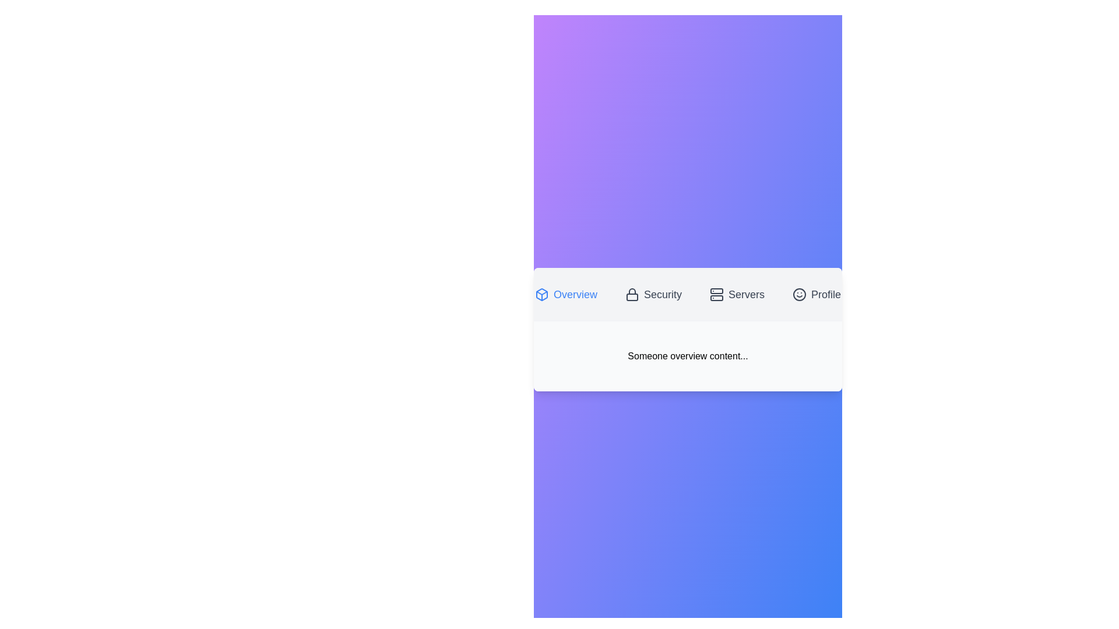 This screenshot has height=629, width=1119. What do you see at coordinates (541, 294) in the screenshot?
I see `the box icon located at the top-left corner of the navigation bar` at bounding box center [541, 294].